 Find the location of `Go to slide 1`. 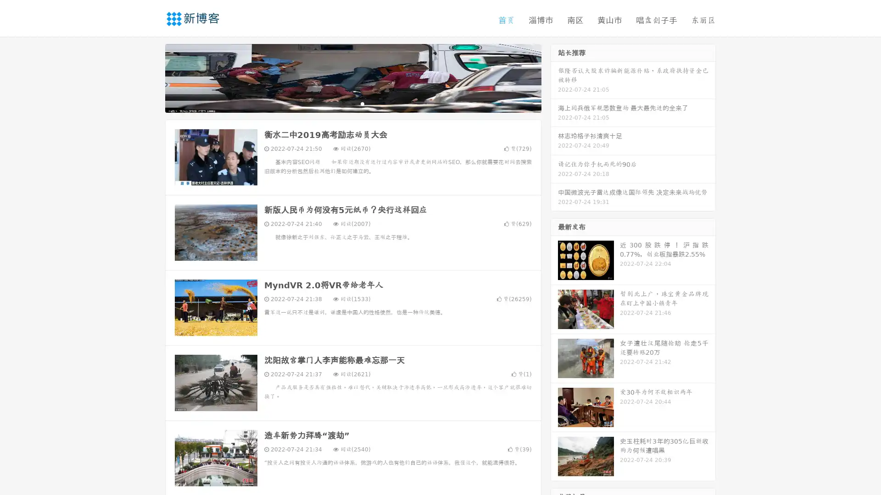

Go to slide 1 is located at coordinates (343, 103).